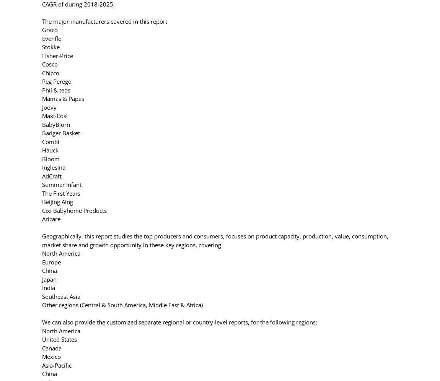 Image resolution: width=440 pixels, height=381 pixels. Describe the element at coordinates (56, 81) in the screenshot. I see `'Peg Perego'` at that location.